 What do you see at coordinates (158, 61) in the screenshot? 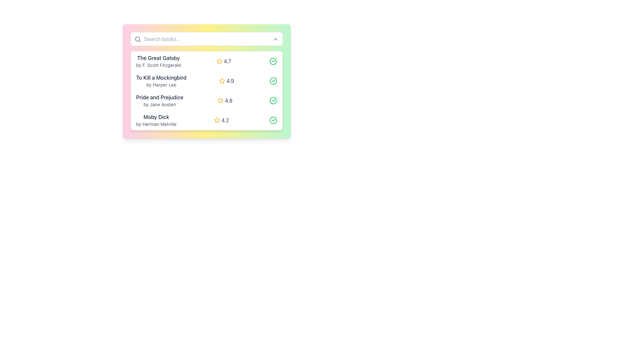
I see `text of the first book entry, which displays the title and author, located at the top of the vertical list of book entries` at bounding box center [158, 61].